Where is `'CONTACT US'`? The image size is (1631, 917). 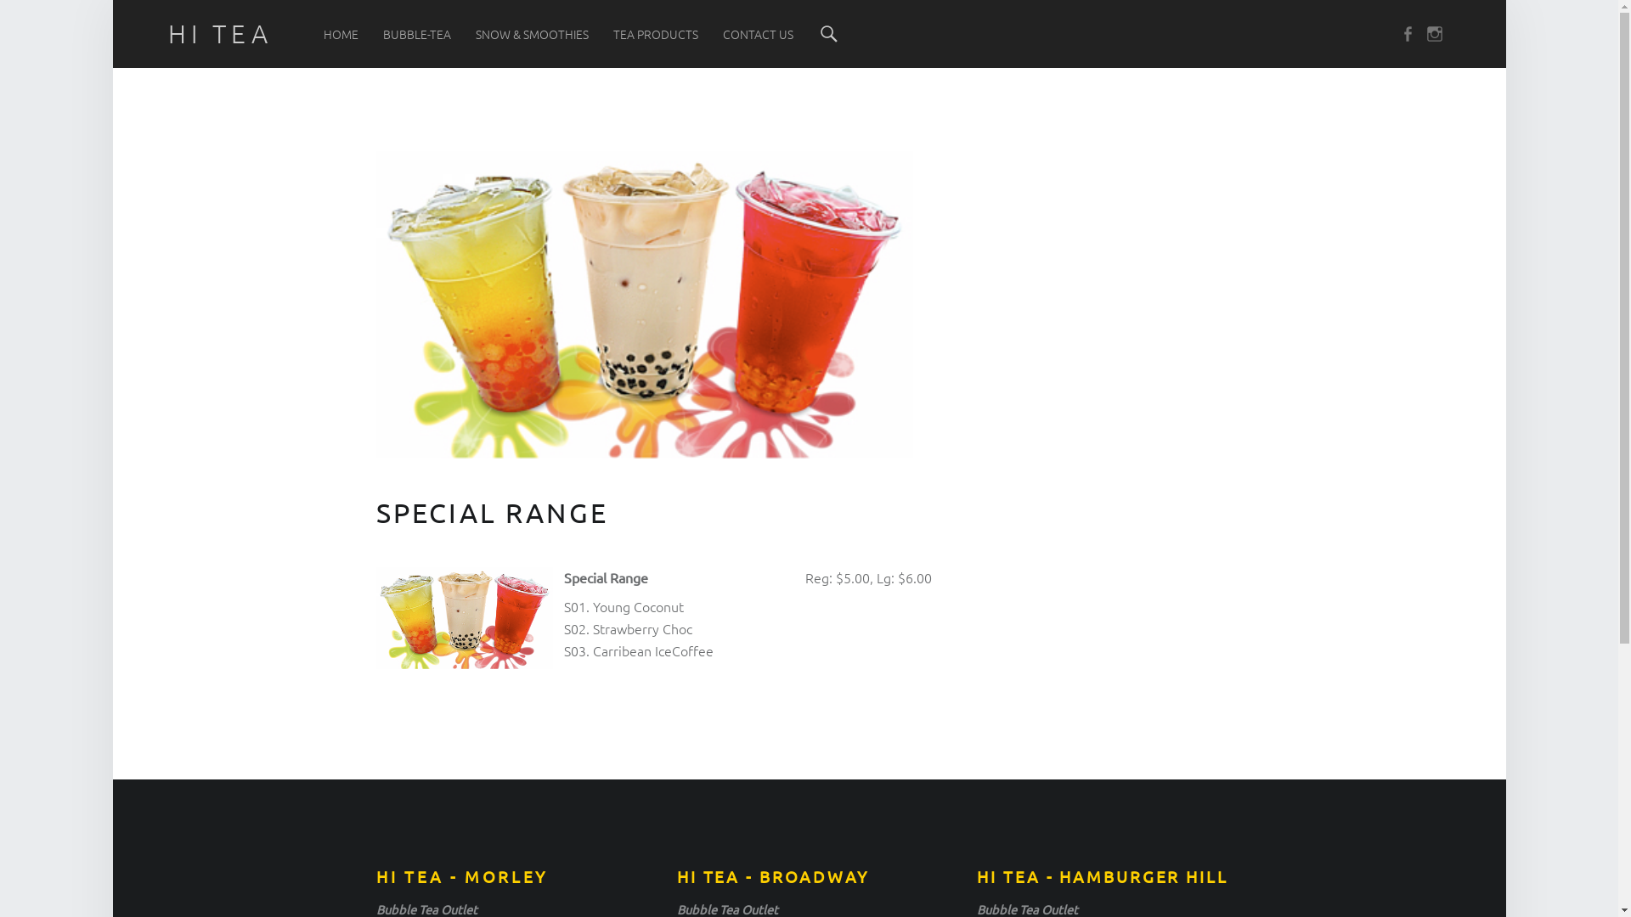
'CONTACT US' is located at coordinates (722, 33).